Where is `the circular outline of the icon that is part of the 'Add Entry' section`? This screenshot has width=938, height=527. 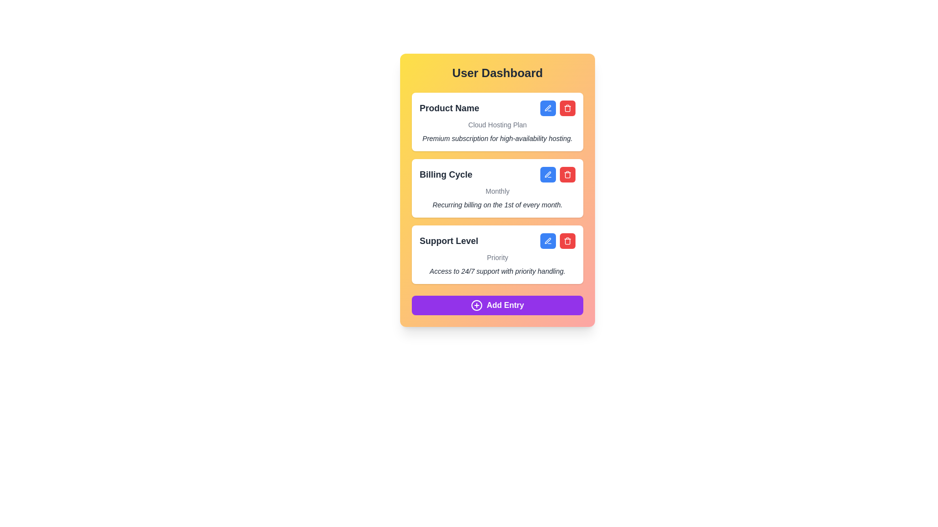
the circular outline of the icon that is part of the 'Add Entry' section is located at coordinates (477, 304).